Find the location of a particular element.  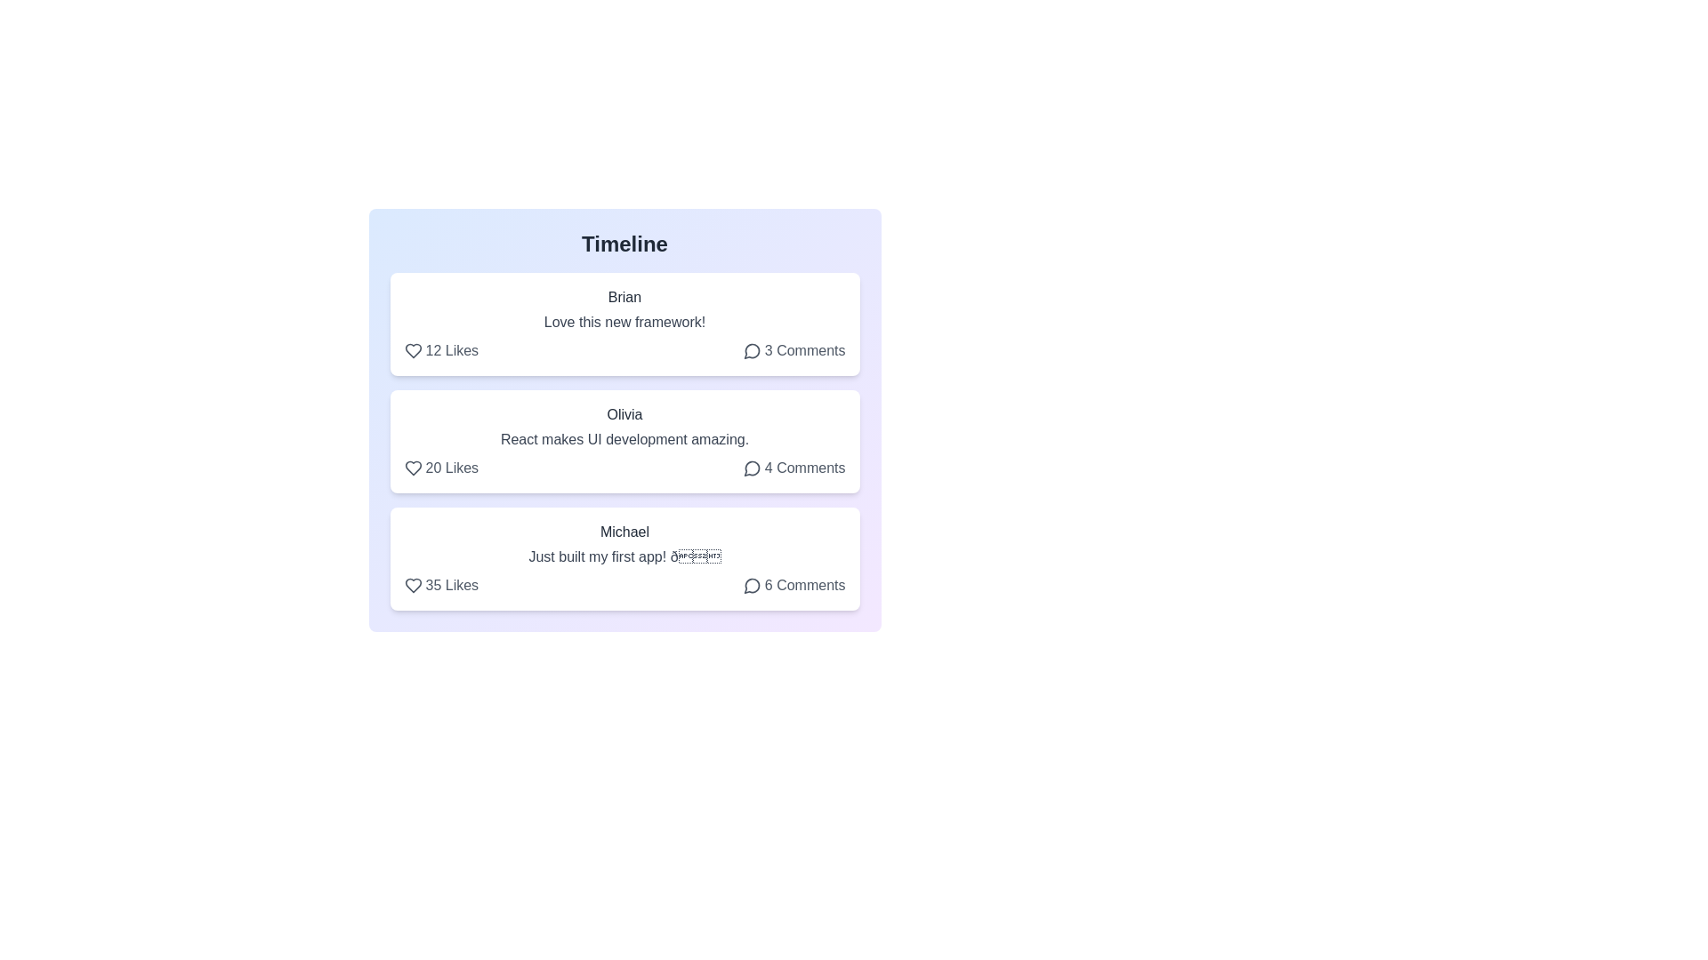

comment button for the post by Olivia is located at coordinates (794, 468).